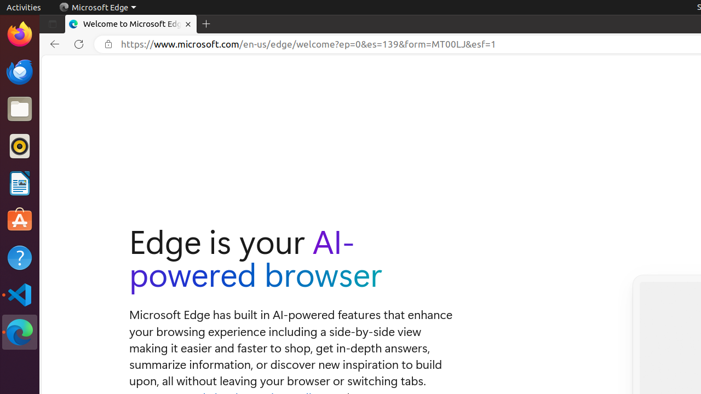 The height and width of the screenshot is (394, 701). Describe the element at coordinates (97, 7) in the screenshot. I see `'Microsoft Edge'` at that location.